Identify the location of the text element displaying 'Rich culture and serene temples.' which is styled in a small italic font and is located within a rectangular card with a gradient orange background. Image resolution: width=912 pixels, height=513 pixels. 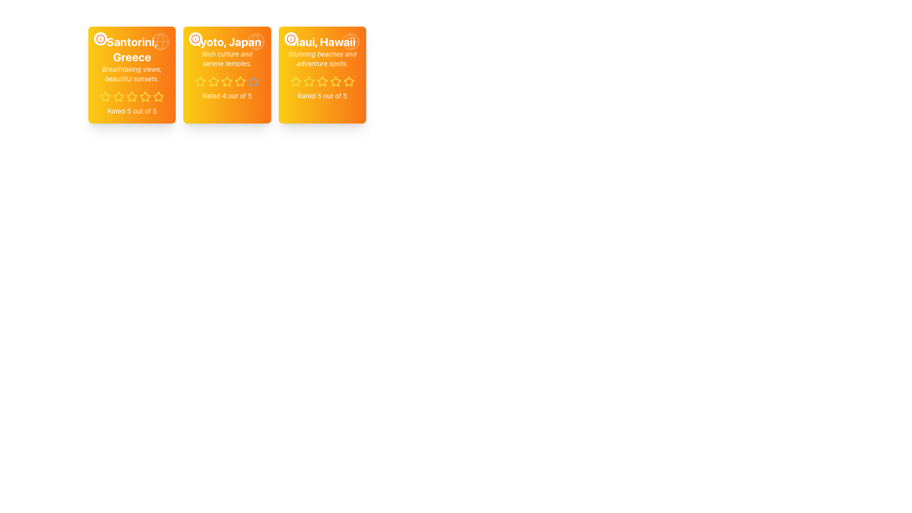
(227, 58).